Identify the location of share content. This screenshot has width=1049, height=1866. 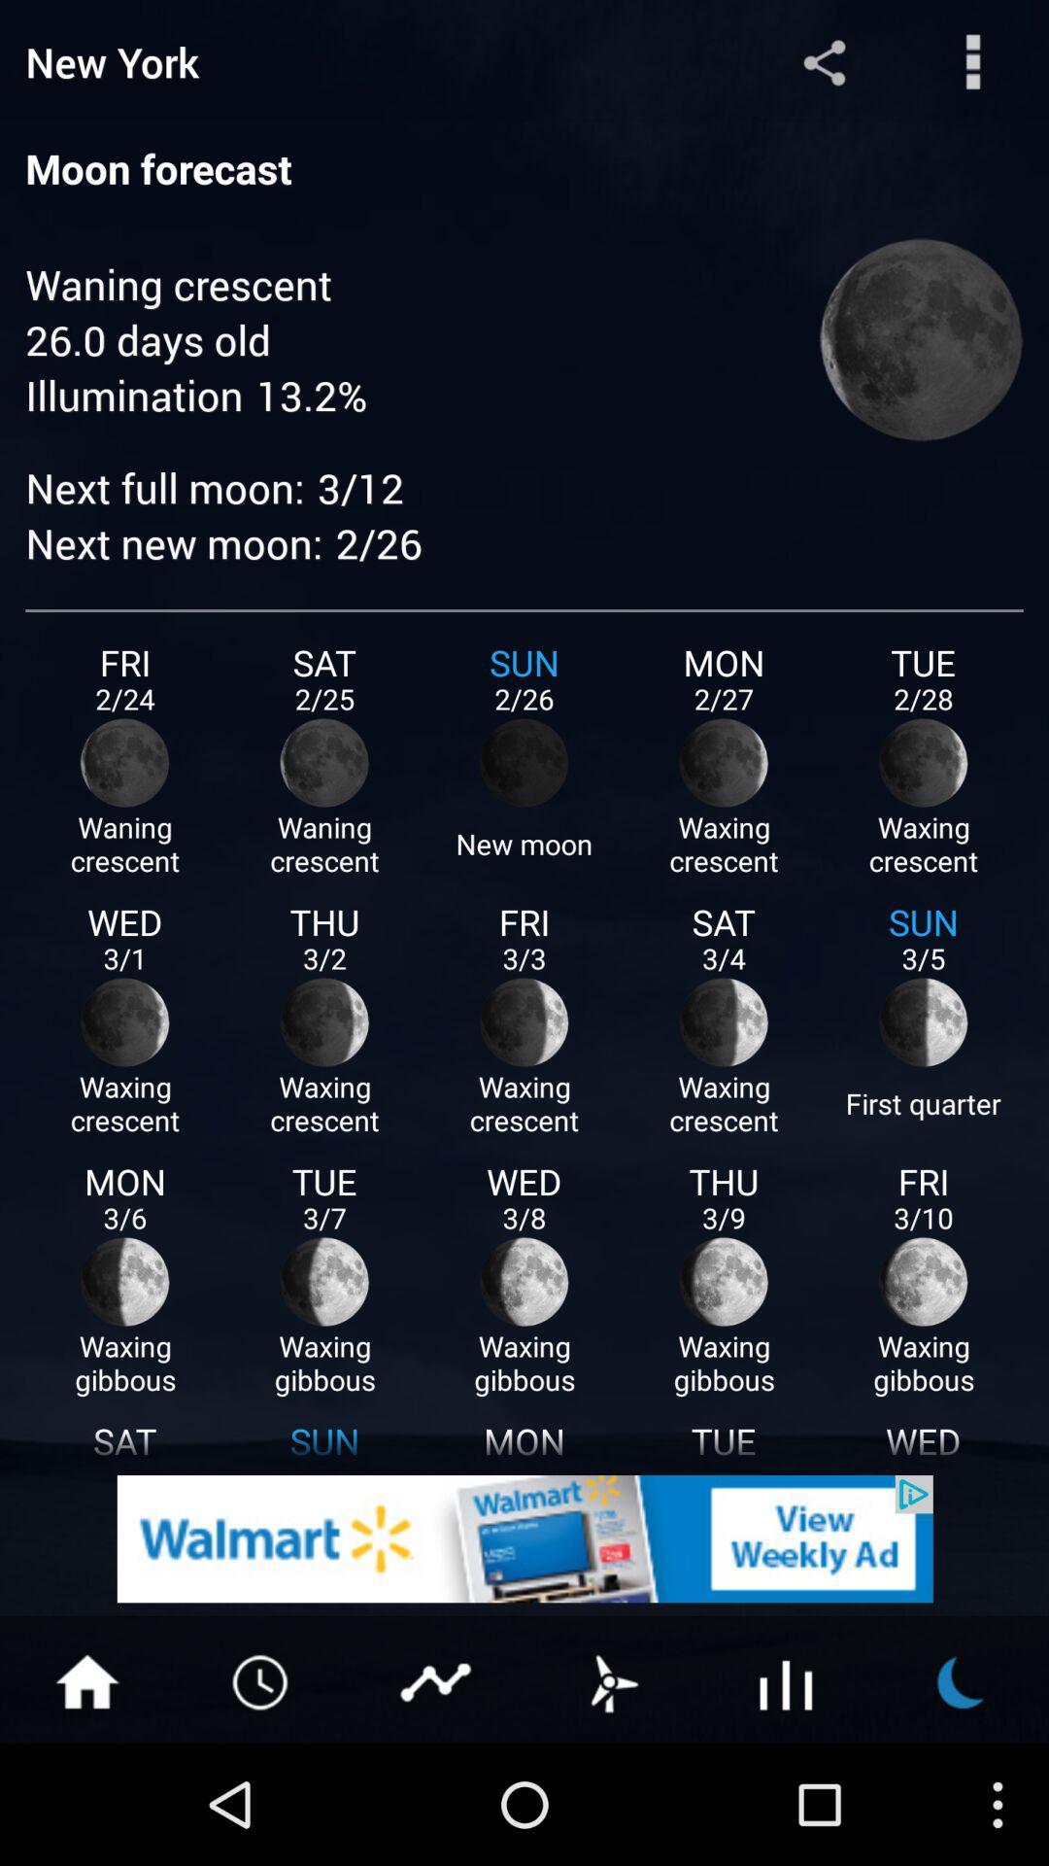
(437, 1679).